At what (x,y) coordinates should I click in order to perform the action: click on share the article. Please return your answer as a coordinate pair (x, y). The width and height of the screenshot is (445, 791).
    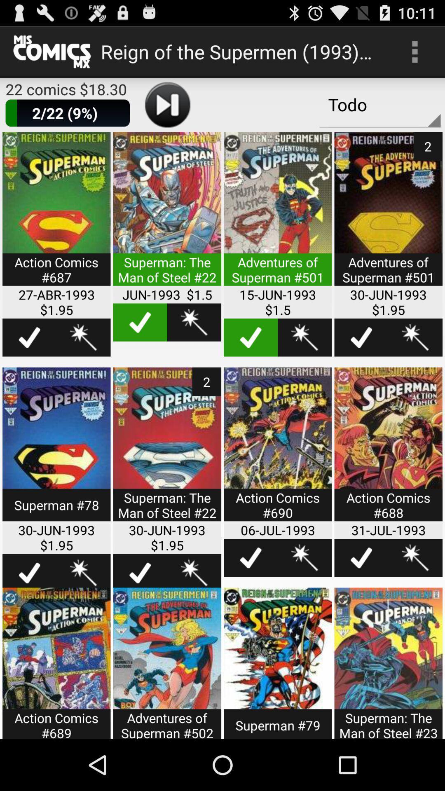
    Looking at the image, I should click on (388, 663).